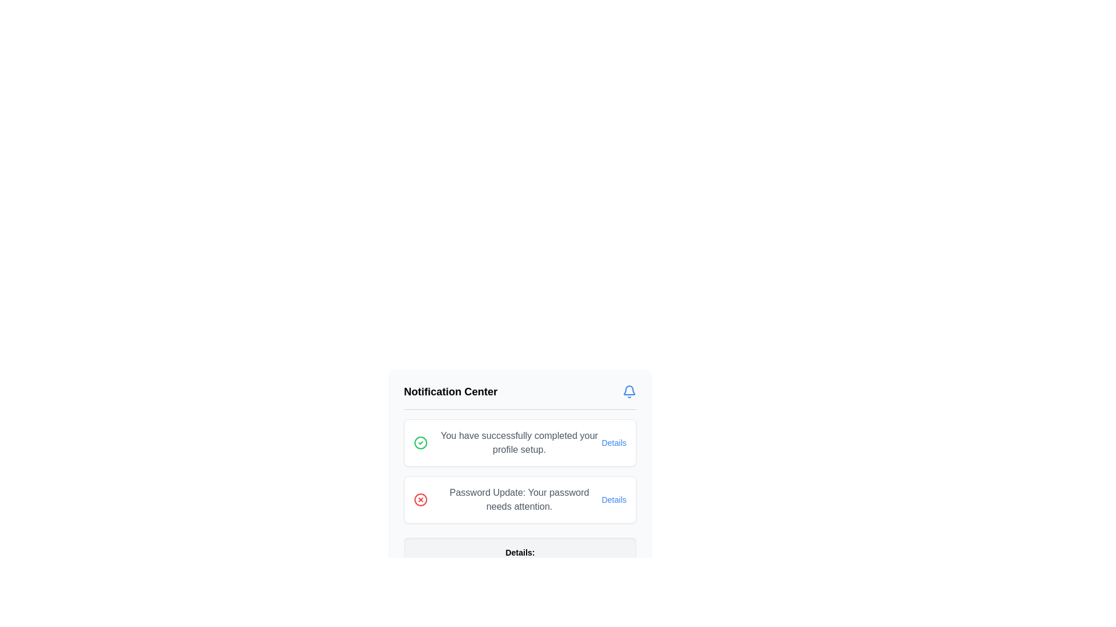  What do you see at coordinates (519, 443) in the screenshot?
I see `the notification card with a white background, rounded corners, a green checkmark icon, and a 'Details' link, which is the first notification in the Notification Center` at bounding box center [519, 443].